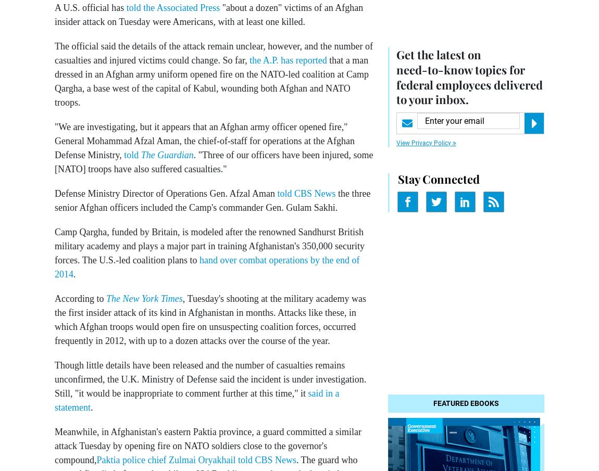 The height and width of the screenshot is (471, 599). I want to click on 'the three senior Afghan officers included the Camp's commander Gen. Gulam Sakhi.', so click(213, 200).